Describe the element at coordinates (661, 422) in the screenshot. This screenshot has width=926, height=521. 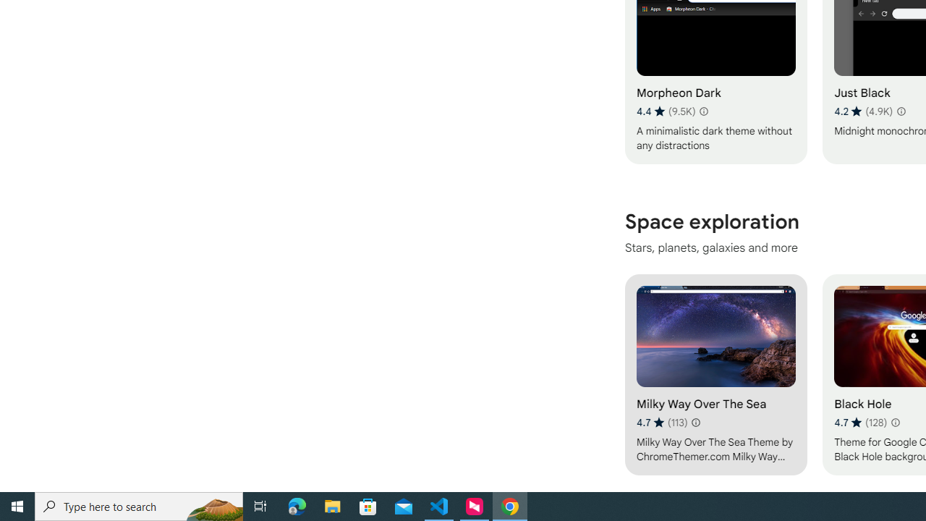
I see `'Average rating 4.7 out of 5 stars. 113 ratings.'` at that location.